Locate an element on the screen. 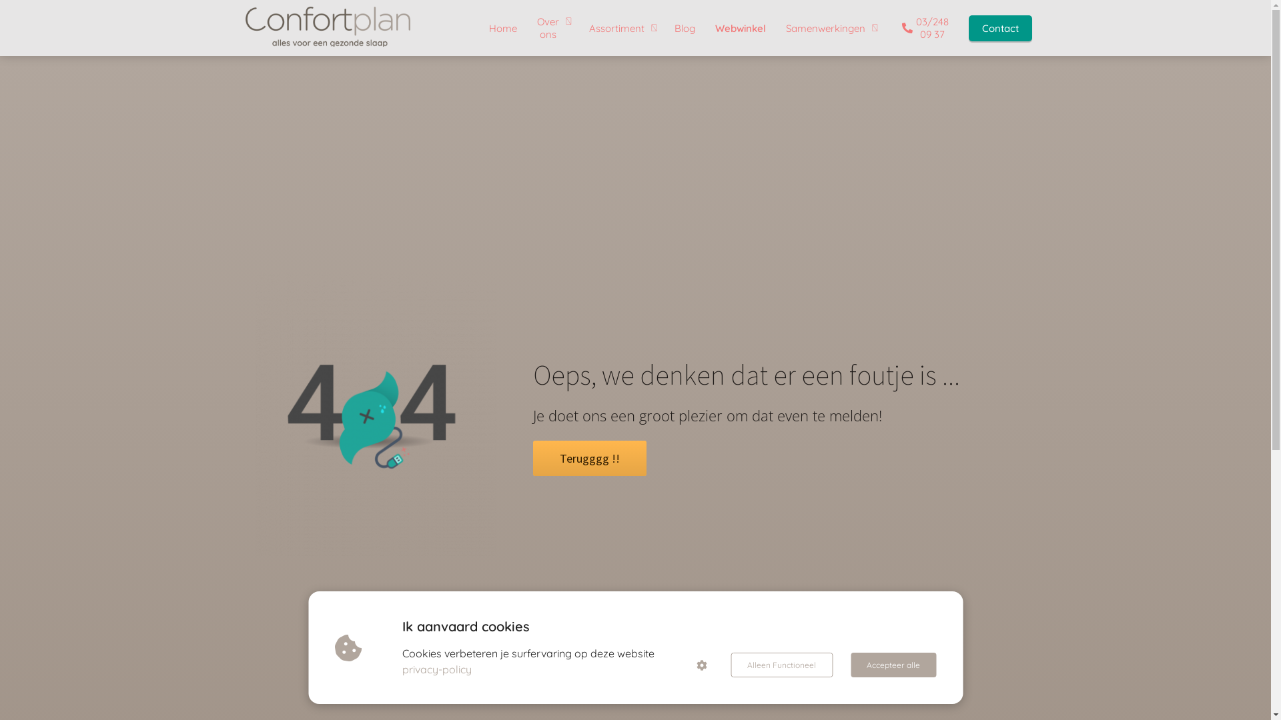  'Home' is located at coordinates (502, 28).